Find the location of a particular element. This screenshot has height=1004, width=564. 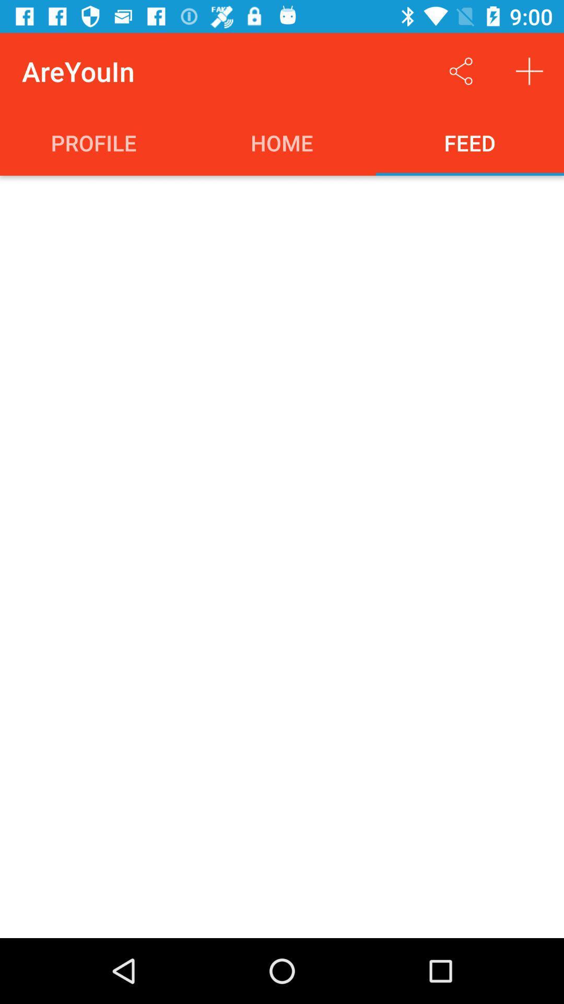

icon to the right of the areyouin icon is located at coordinates (461, 71).